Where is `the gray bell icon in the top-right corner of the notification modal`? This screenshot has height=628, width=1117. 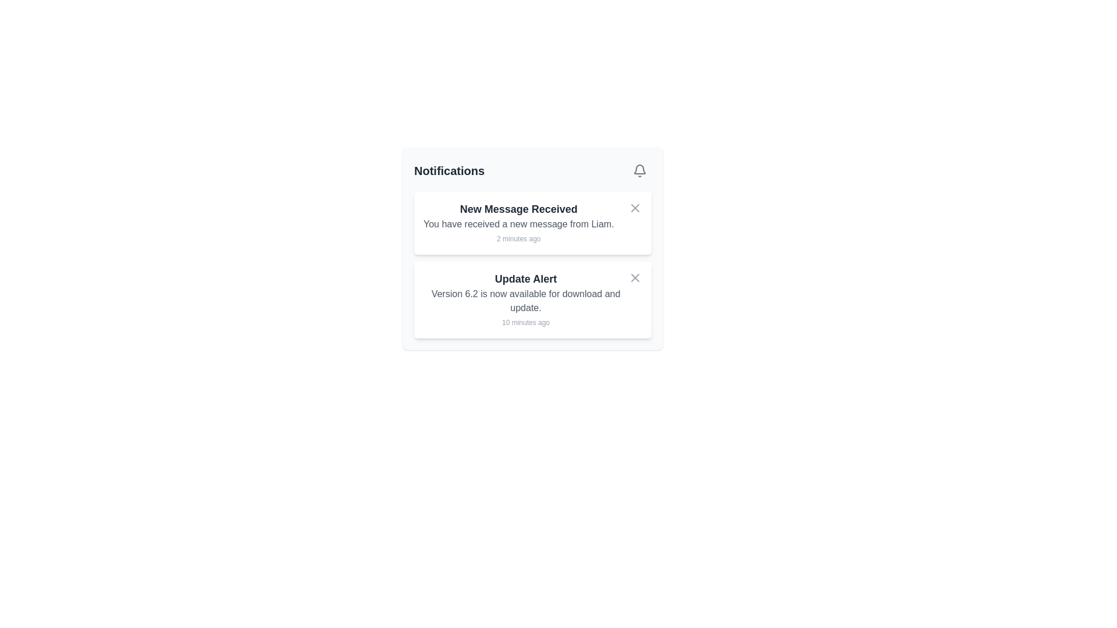
the gray bell icon in the top-right corner of the notification modal is located at coordinates (639, 170).